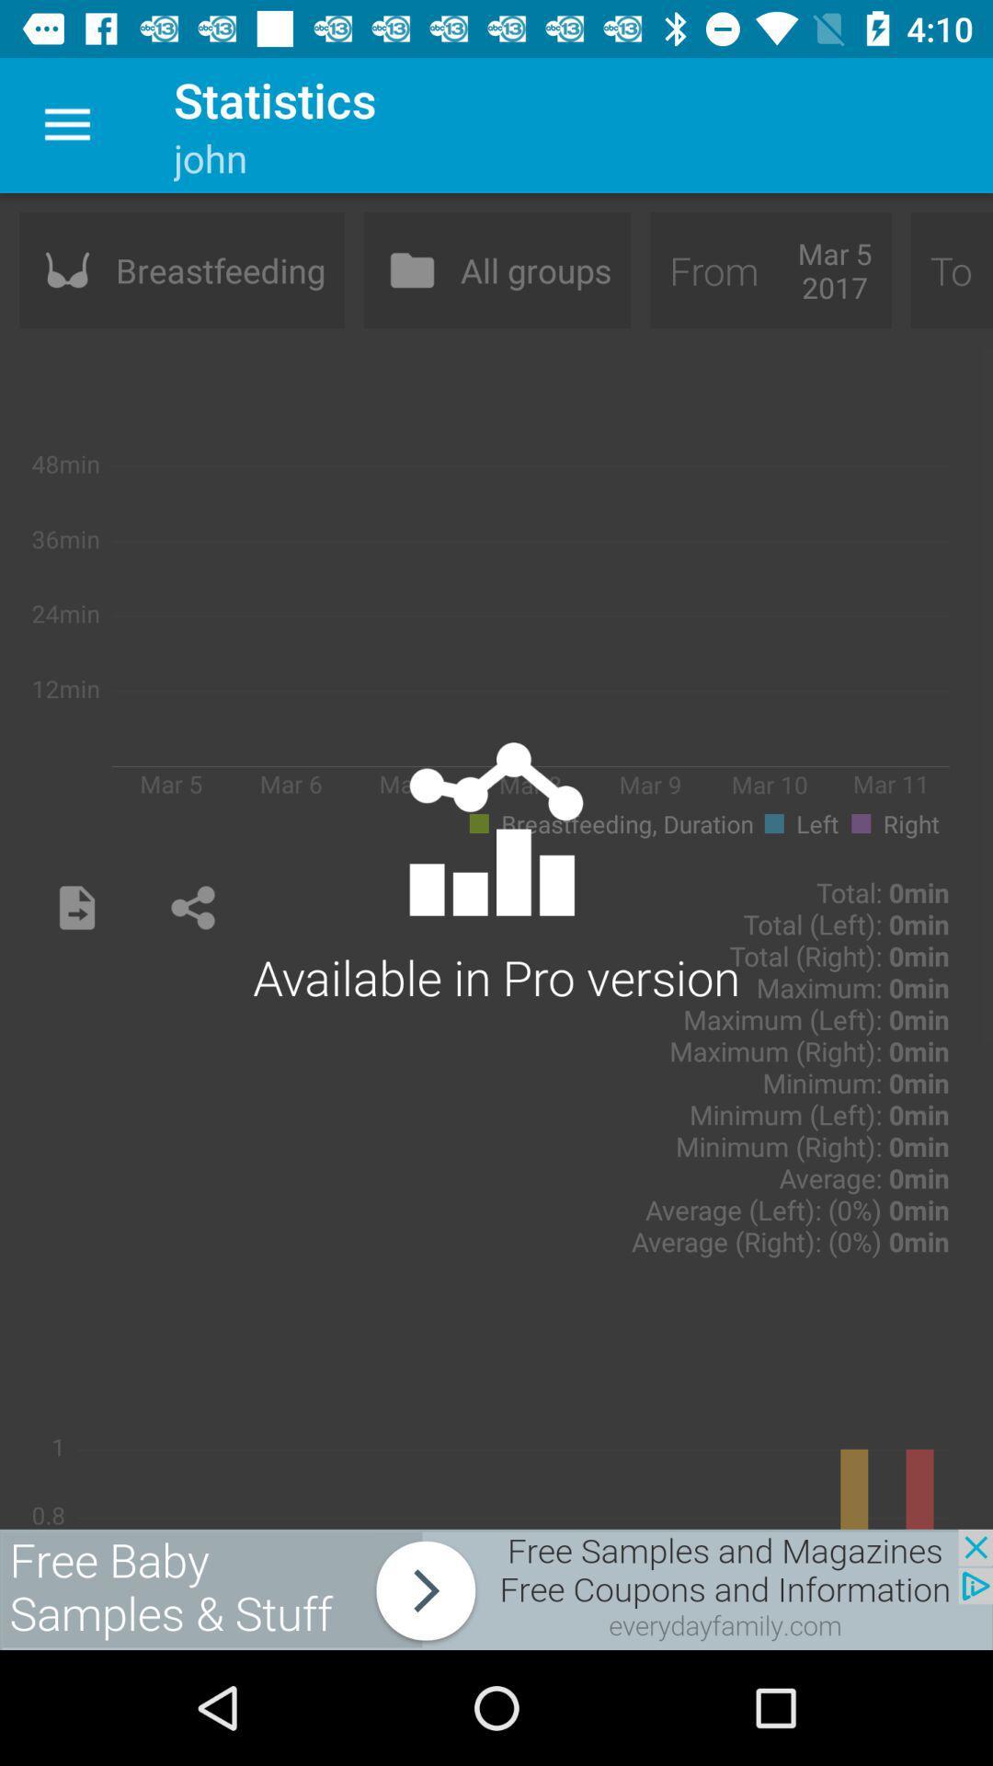  I want to click on the description icon, so click(76, 908).